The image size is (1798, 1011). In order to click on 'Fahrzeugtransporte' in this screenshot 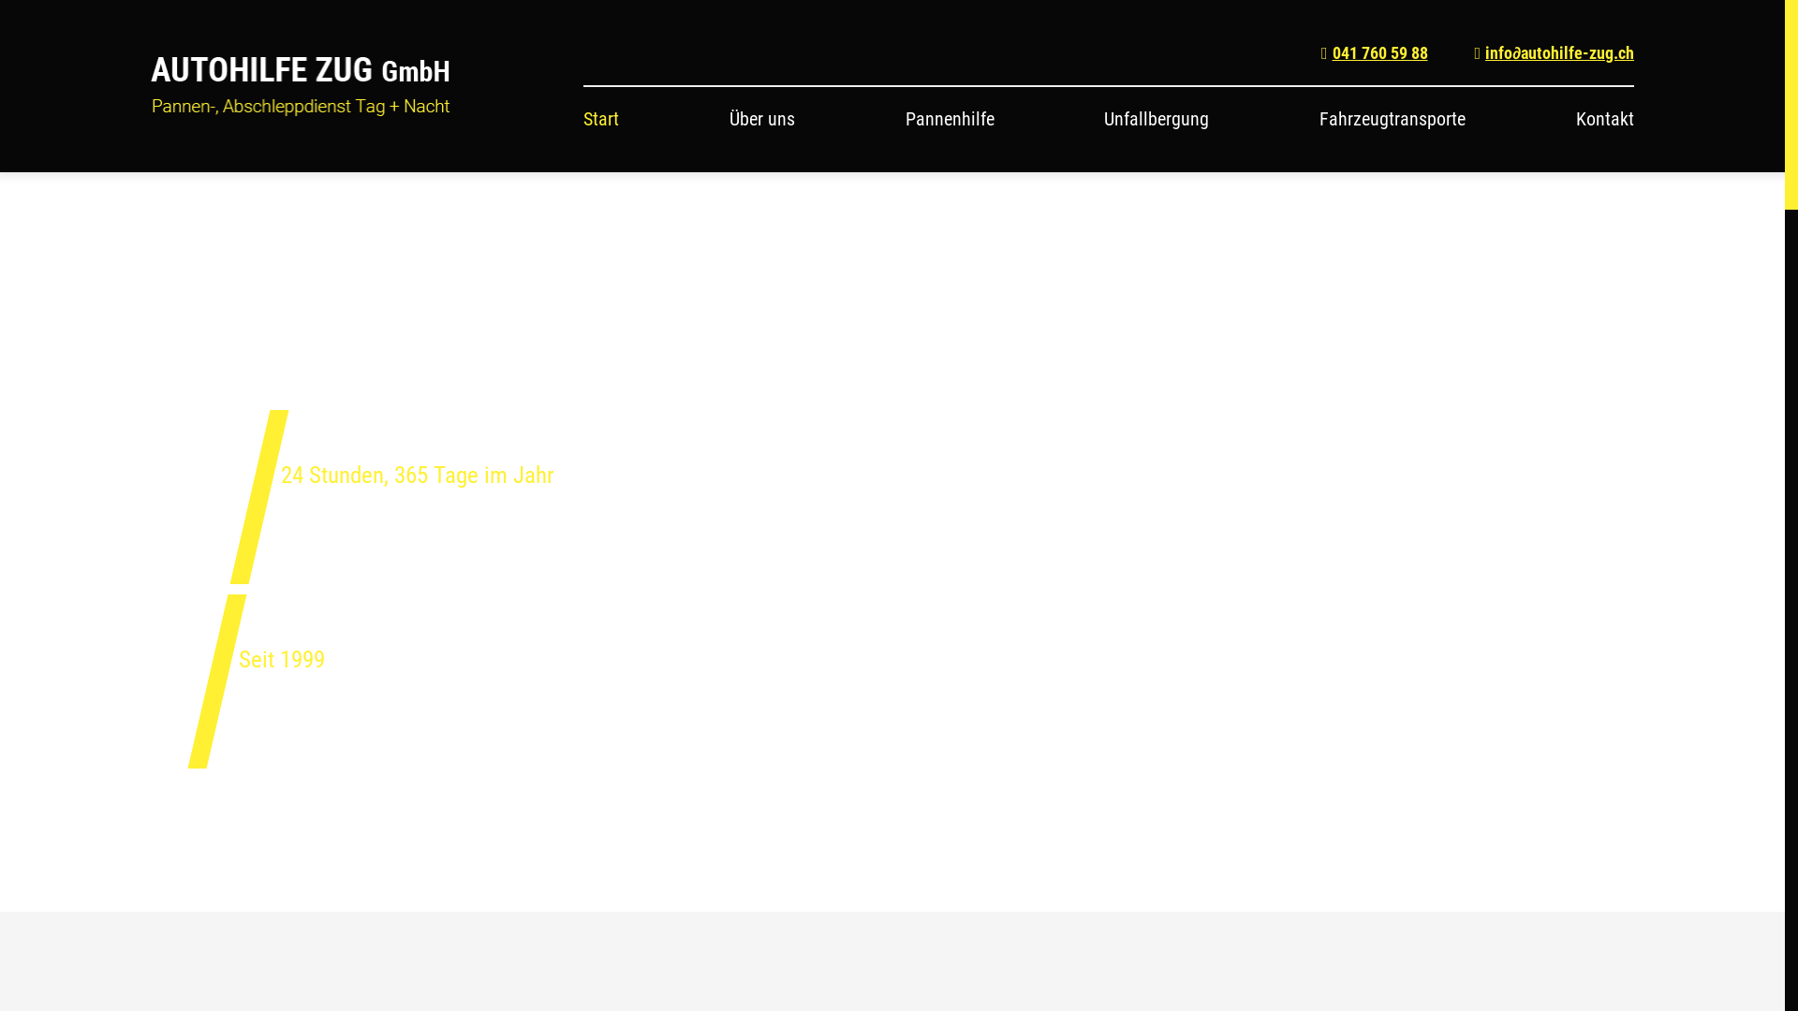, I will do `click(1393, 119)`.